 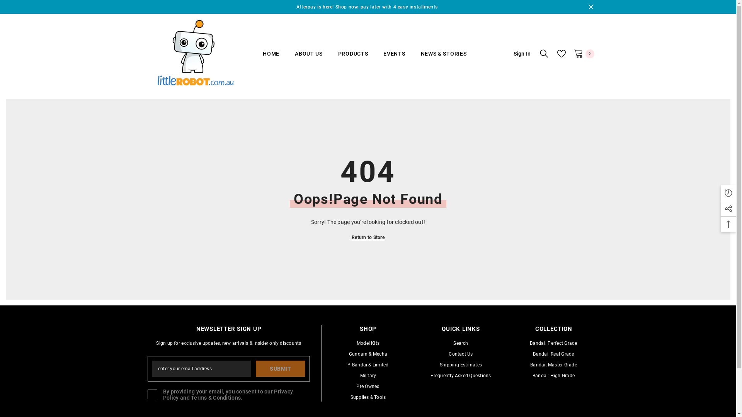 What do you see at coordinates (367, 386) in the screenshot?
I see `'Pre Owned'` at bounding box center [367, 386].